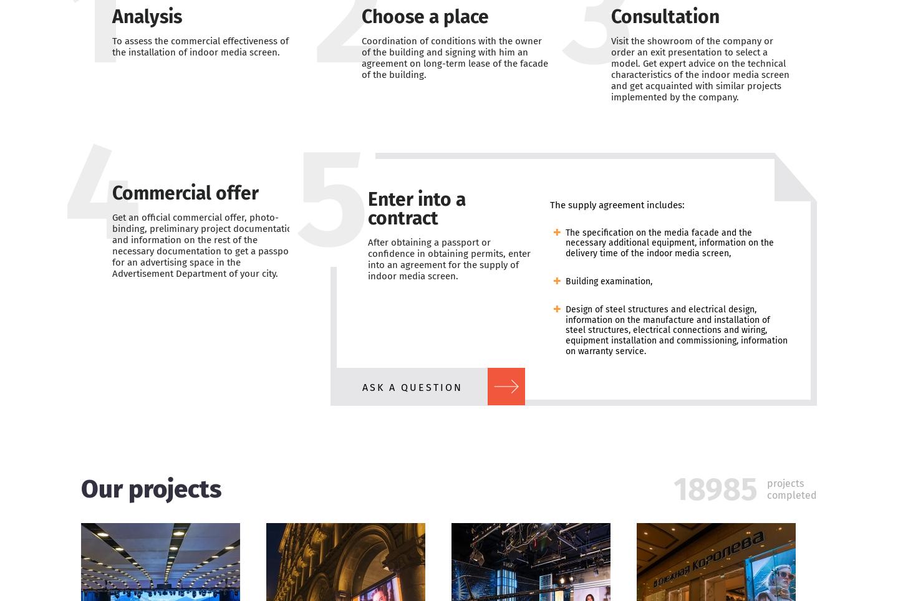 This screenshot has height=601, width=898. Describe the element at coordinates (205, 245) in the screenshot. I see `'Get an official commercial offer, photo-binding, preliminary project documentation and information on the rest of the necessary documentation to get a passport for an advertising space in the Advertisement Department of your city.'` at that location.